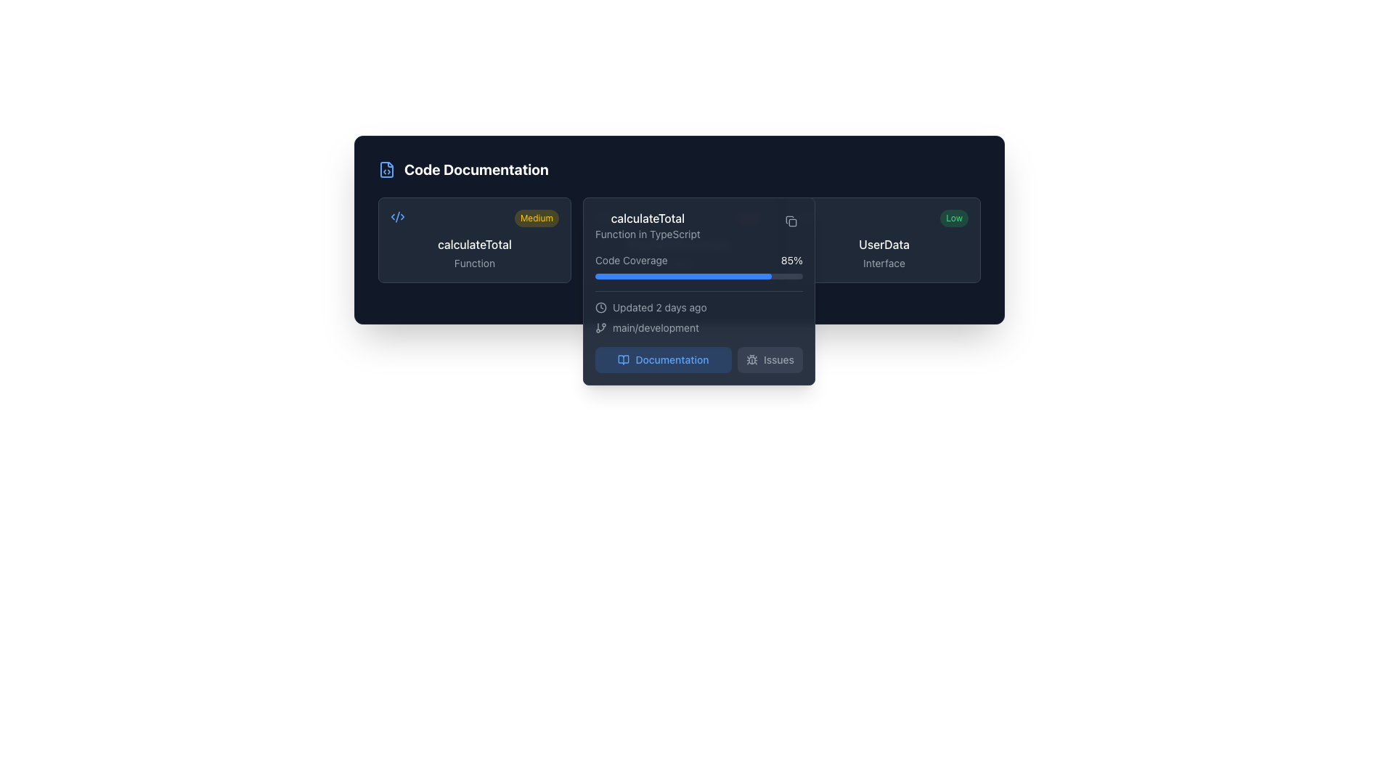 This screenshot has height=784, width=1394. I want to click on the Progress bar displaying 'Code Coverage' with a value of '85%', which is styled with a lighter text for the metric and a blue progress bar against a grey background, so click(699, 266).